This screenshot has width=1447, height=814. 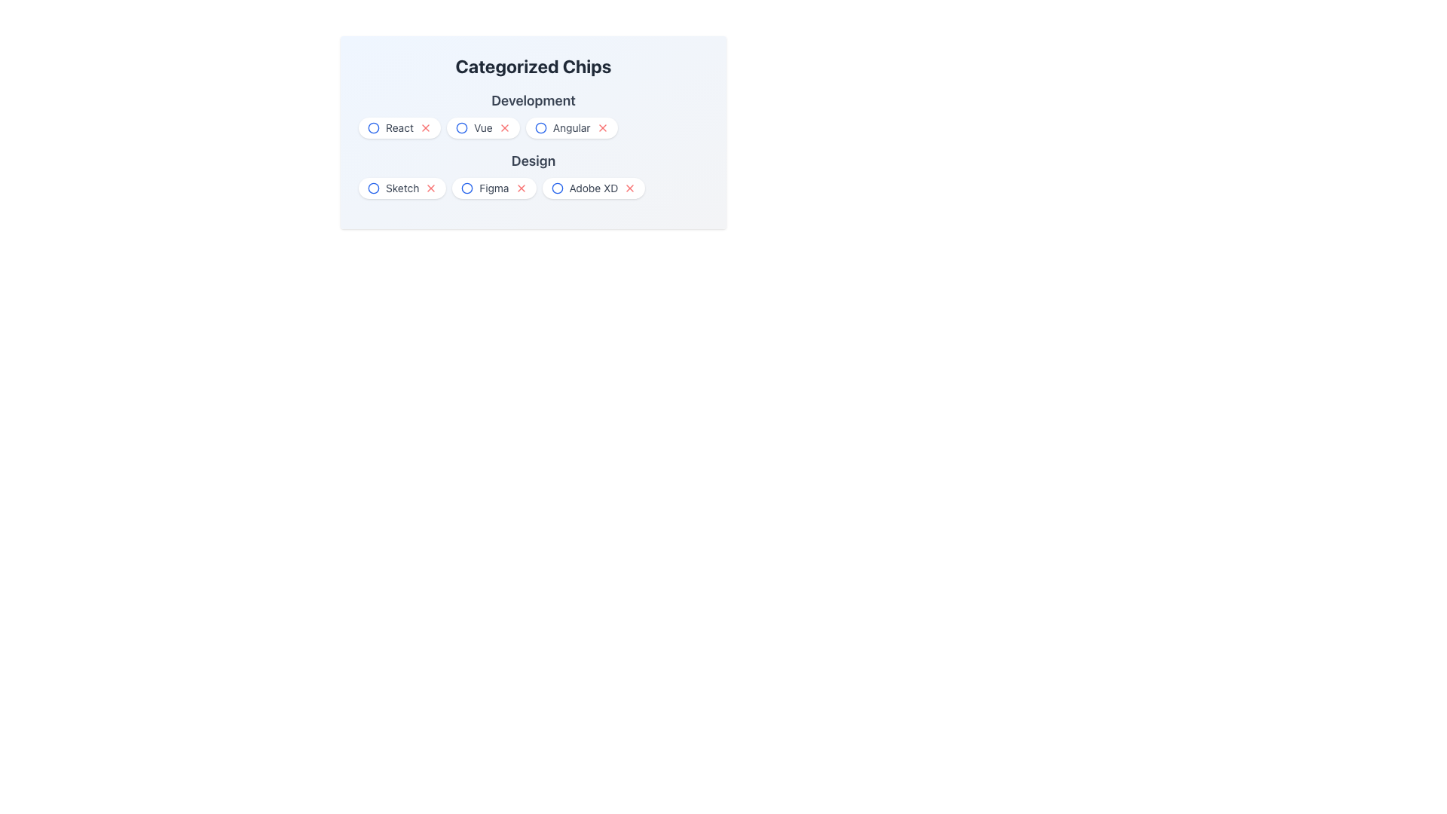 What do you see at coordinates (571, 127) in the screenshot?
I see `the 'Angular' selectable chip, which is the third pill-shaped button in the 'Development' category` at bounding box center [571, 127].